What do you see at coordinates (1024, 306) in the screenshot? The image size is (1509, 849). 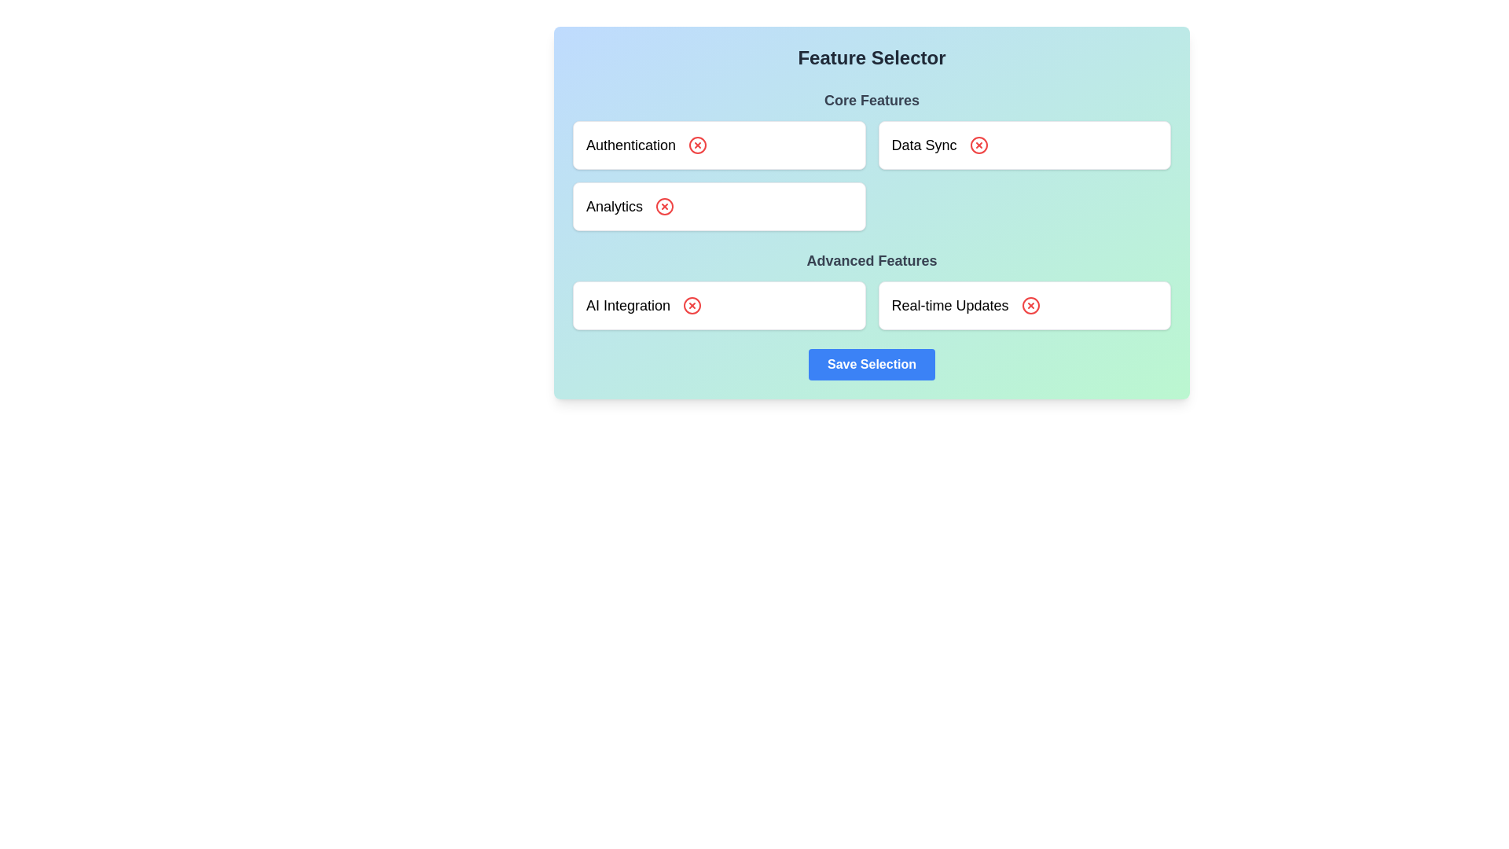 I see `the 'Real-time Updates' card` at bounding box center [1024, 306].